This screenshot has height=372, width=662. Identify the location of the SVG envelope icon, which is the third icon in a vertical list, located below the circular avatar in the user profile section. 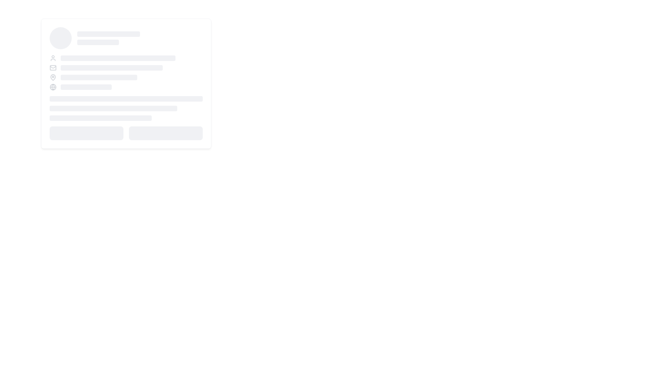
(52, 67).